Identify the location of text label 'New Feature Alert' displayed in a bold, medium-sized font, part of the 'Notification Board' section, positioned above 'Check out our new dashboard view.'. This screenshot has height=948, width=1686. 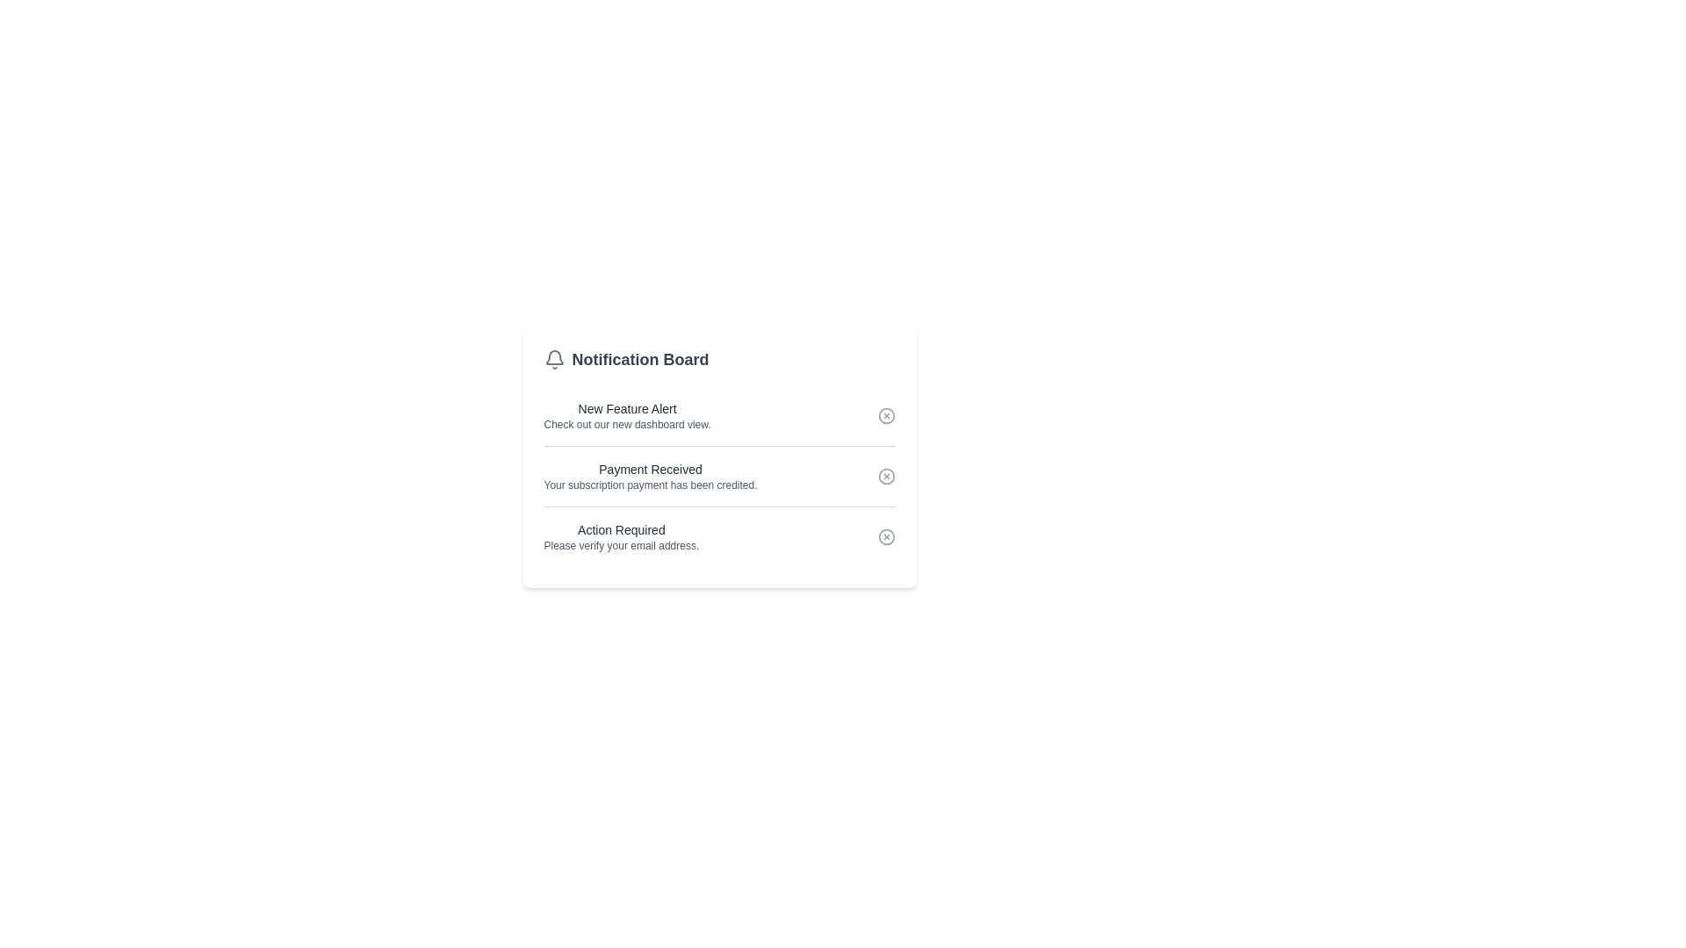
(627, 409).